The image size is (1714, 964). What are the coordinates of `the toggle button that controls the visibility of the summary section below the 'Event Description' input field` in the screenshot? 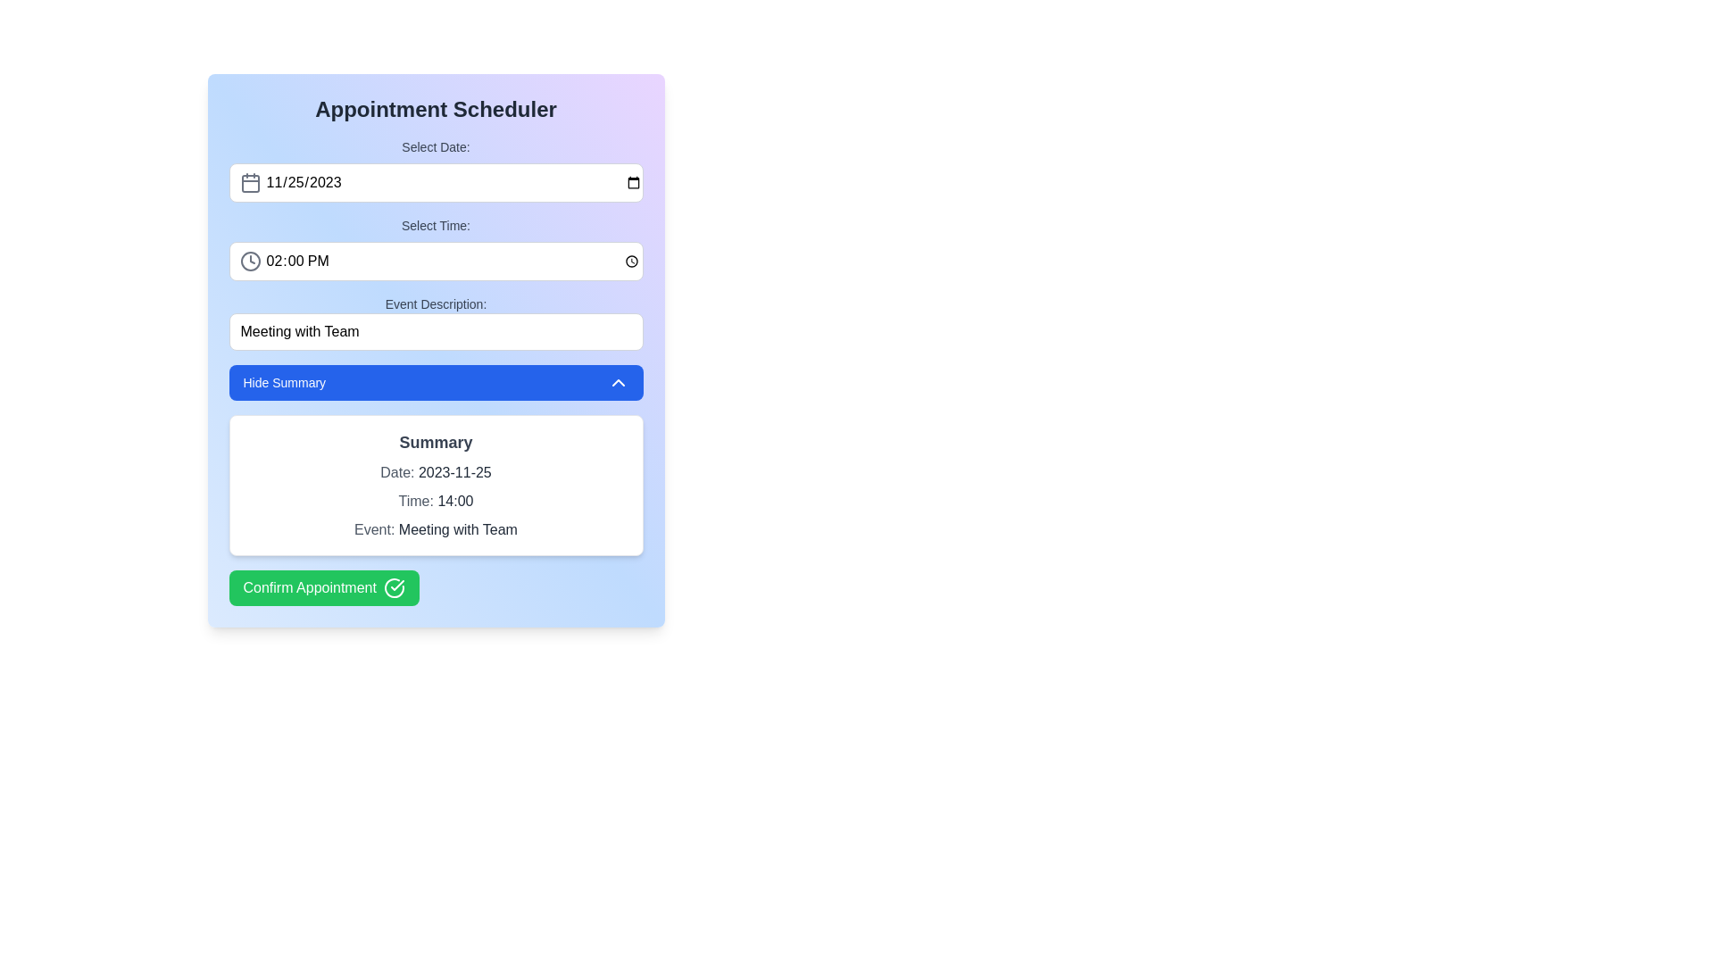 It's located at (436, 381).